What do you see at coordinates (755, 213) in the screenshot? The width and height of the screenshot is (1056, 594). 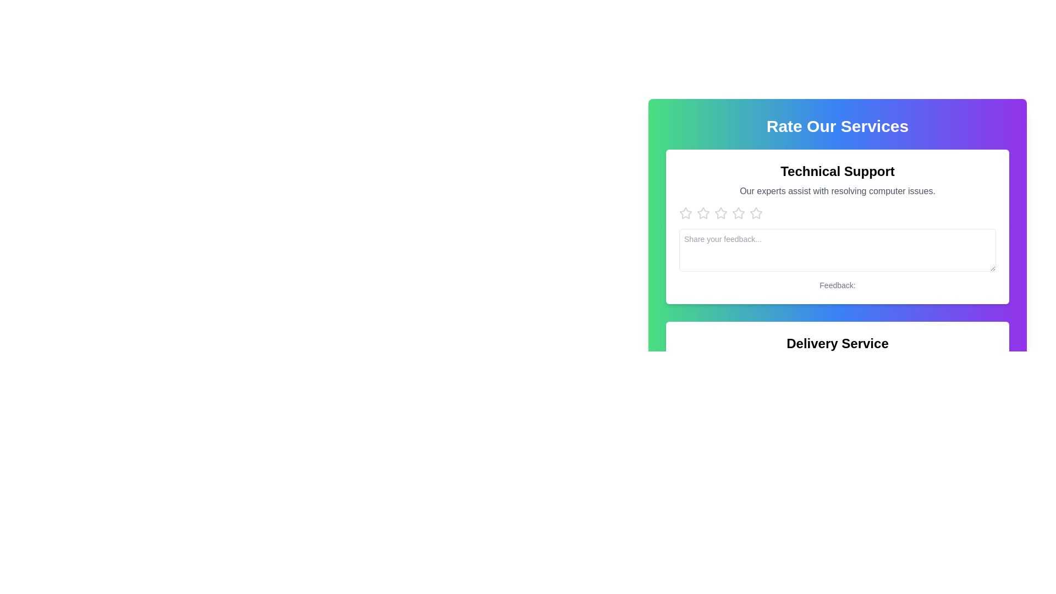 I see `the fourth star icon in the star rating control located in the 'Rate Our Services' section` at bounding box center [755, 213].